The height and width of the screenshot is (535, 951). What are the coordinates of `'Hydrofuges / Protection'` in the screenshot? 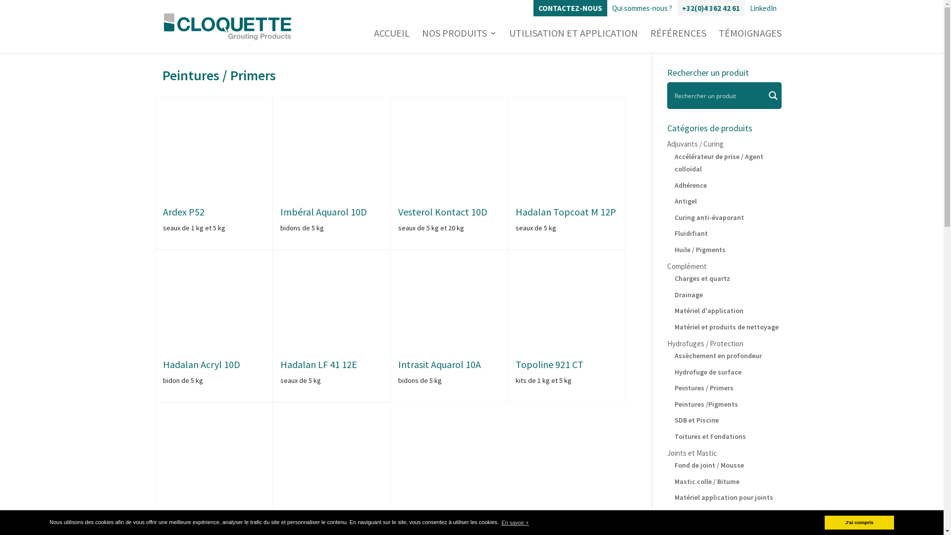 It's located at (705, 343).